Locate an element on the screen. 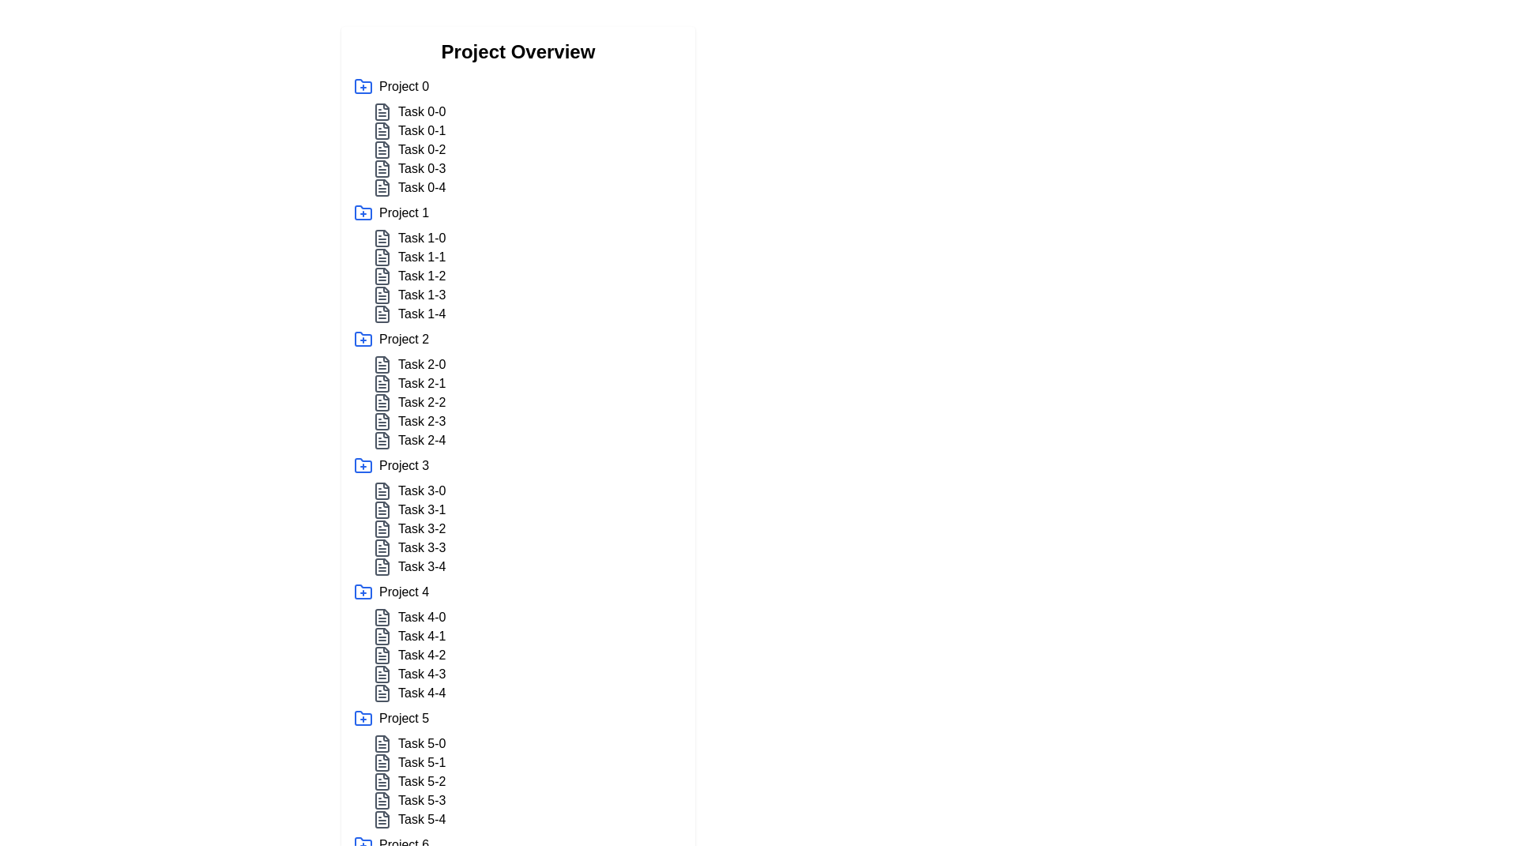 This screenshot has height=853, width=1517. the SVG graphical icon representing the list item 'Task 2-1' which is positioned directly to the left of the text labeled 'Task 2-1' in the hierarchical list under 'Project 2' is located at coordinates (382, 384).